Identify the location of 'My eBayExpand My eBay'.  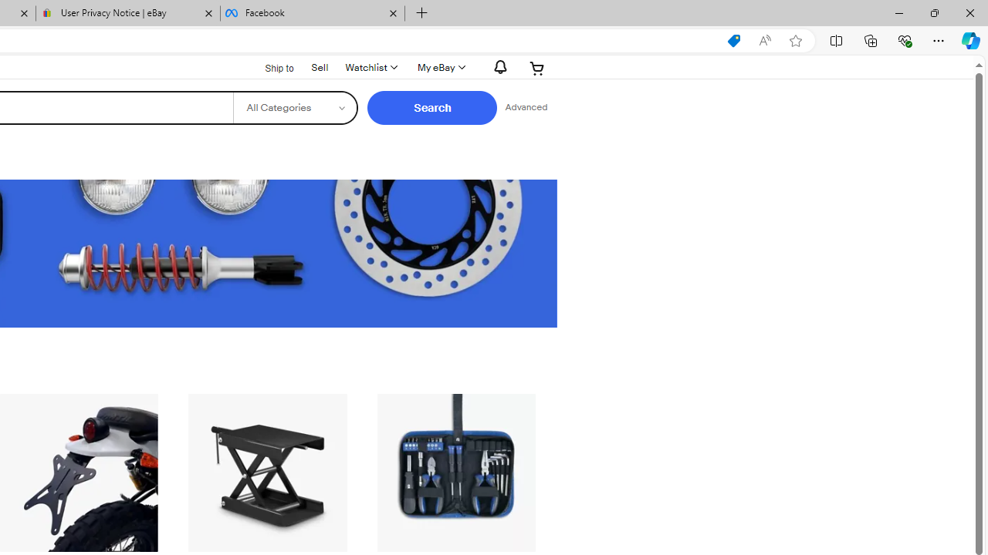
(439, 67).